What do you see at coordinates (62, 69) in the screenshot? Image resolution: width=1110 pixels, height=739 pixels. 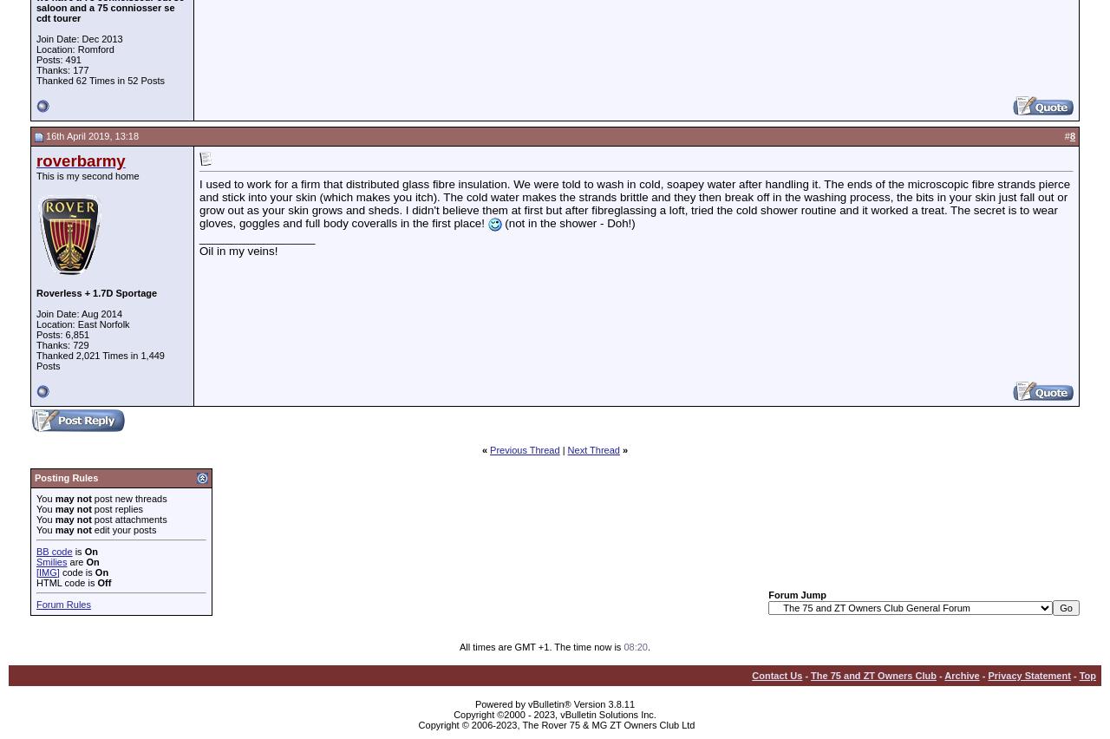 I see `'Thanks: 177'` at bounding box center [62, 69].